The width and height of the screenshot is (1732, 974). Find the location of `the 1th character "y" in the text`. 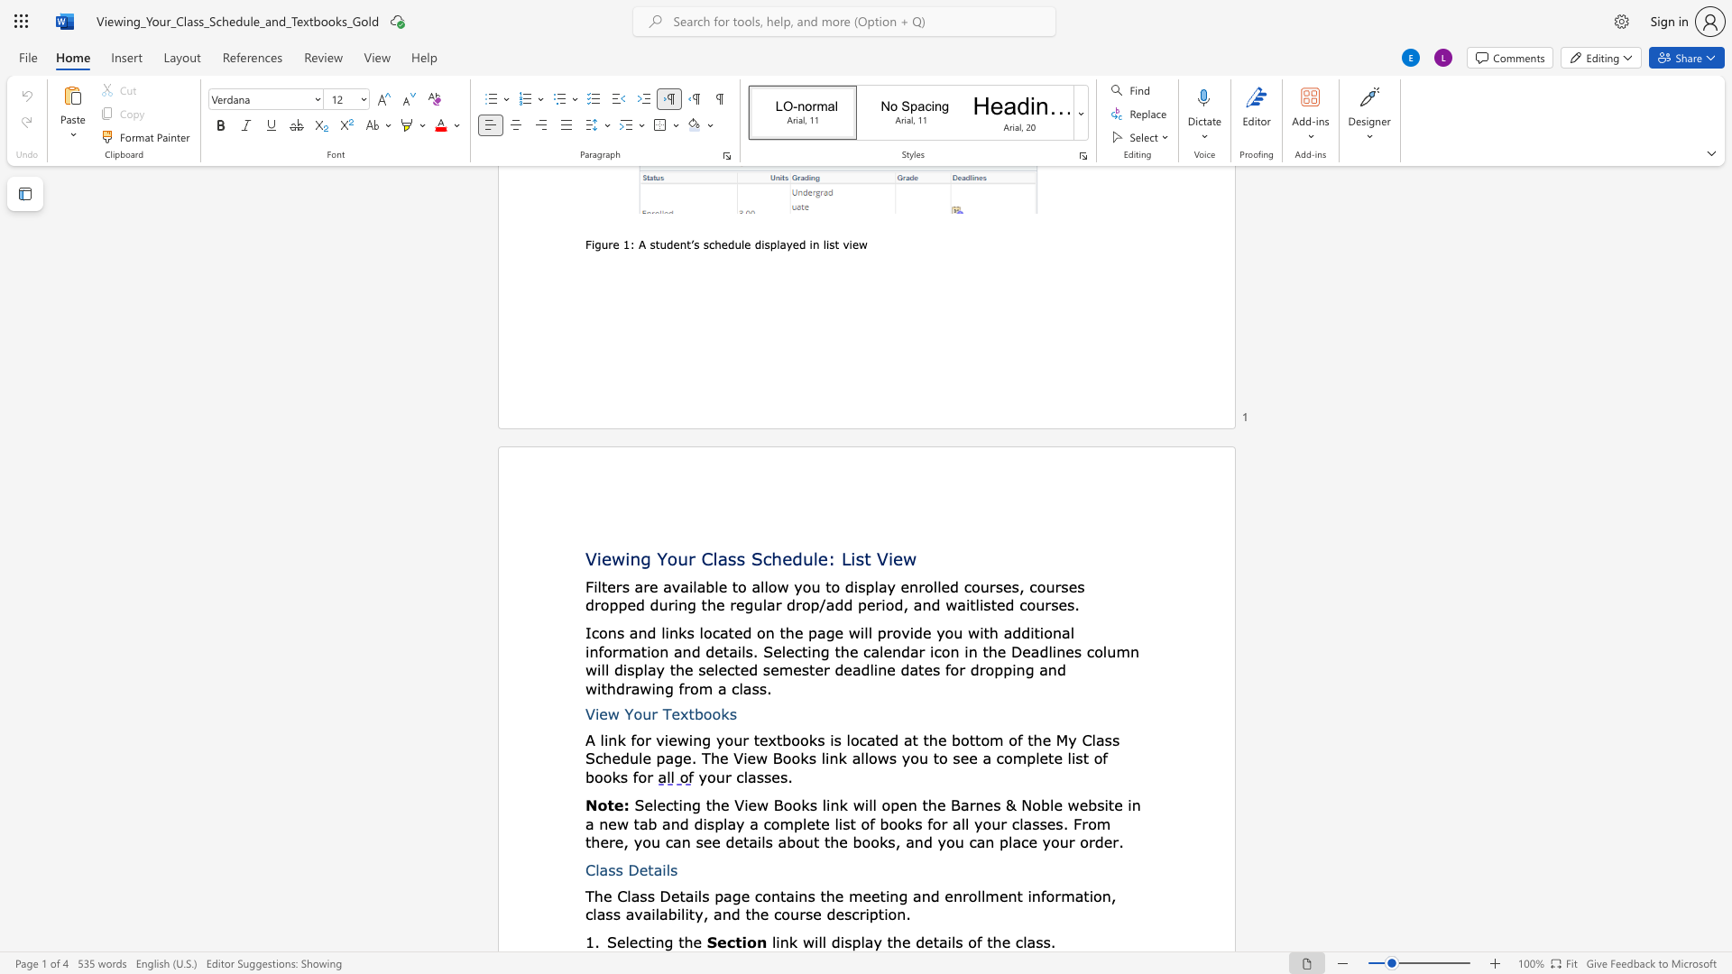

the 1th character "y" in the text is located at coordinates (697, 914).